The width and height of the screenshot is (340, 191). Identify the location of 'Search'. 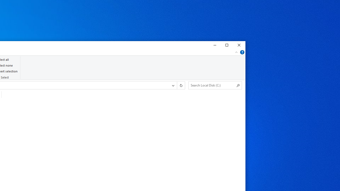
(238, 85).